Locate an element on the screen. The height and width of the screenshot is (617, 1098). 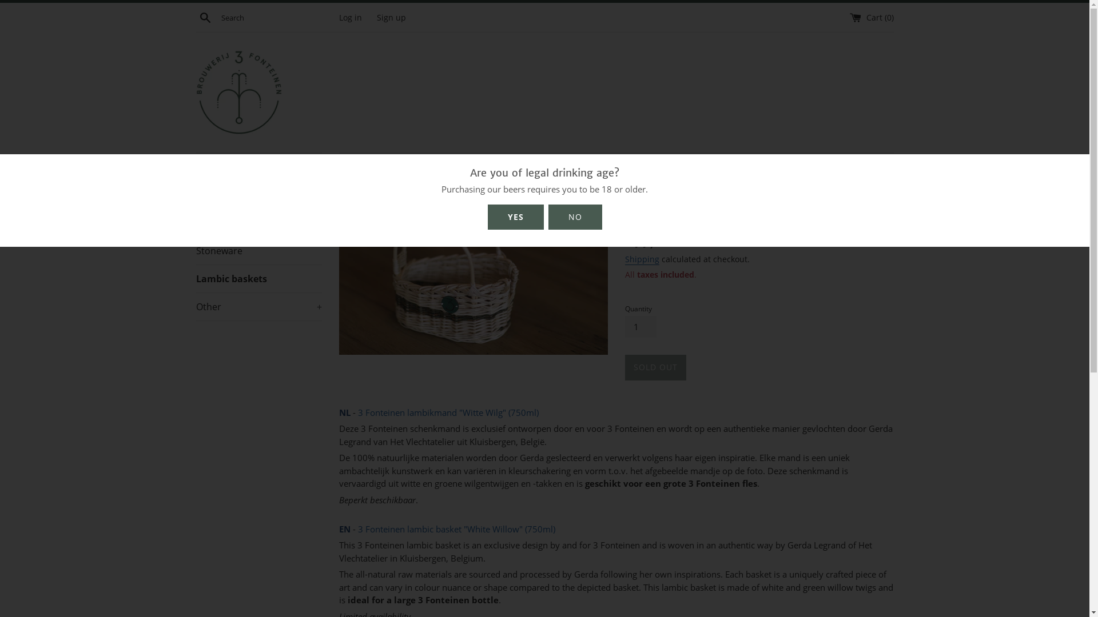
'Cart (0)' is located at coordinates (871, 17).